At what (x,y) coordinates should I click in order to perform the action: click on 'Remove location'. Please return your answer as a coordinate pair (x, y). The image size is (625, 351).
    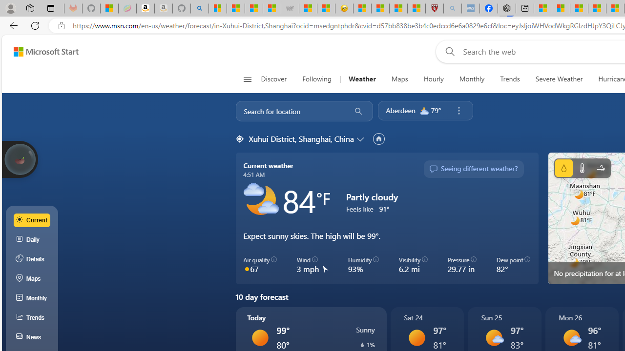
    Looking at the image, I should click on (458, 110).